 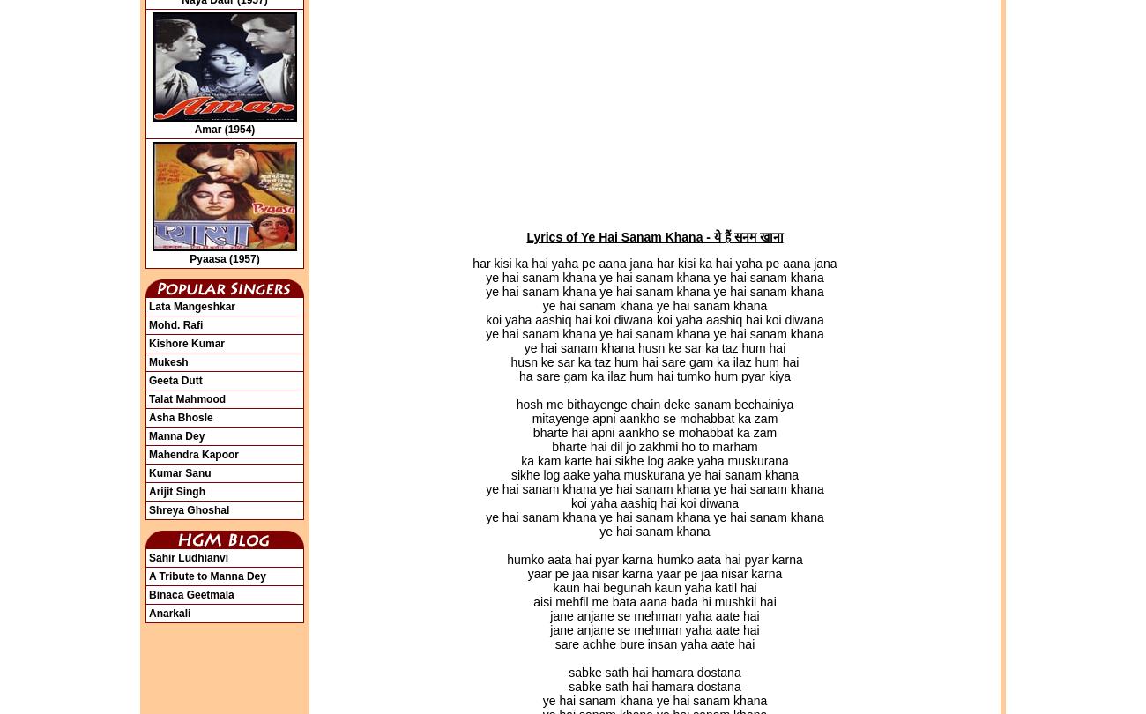 What do you see at coordinates (571, 502) in the screenshot?
I see `'koi yaha aashiq hai koi diwana'` at bounding box center [571, 502].